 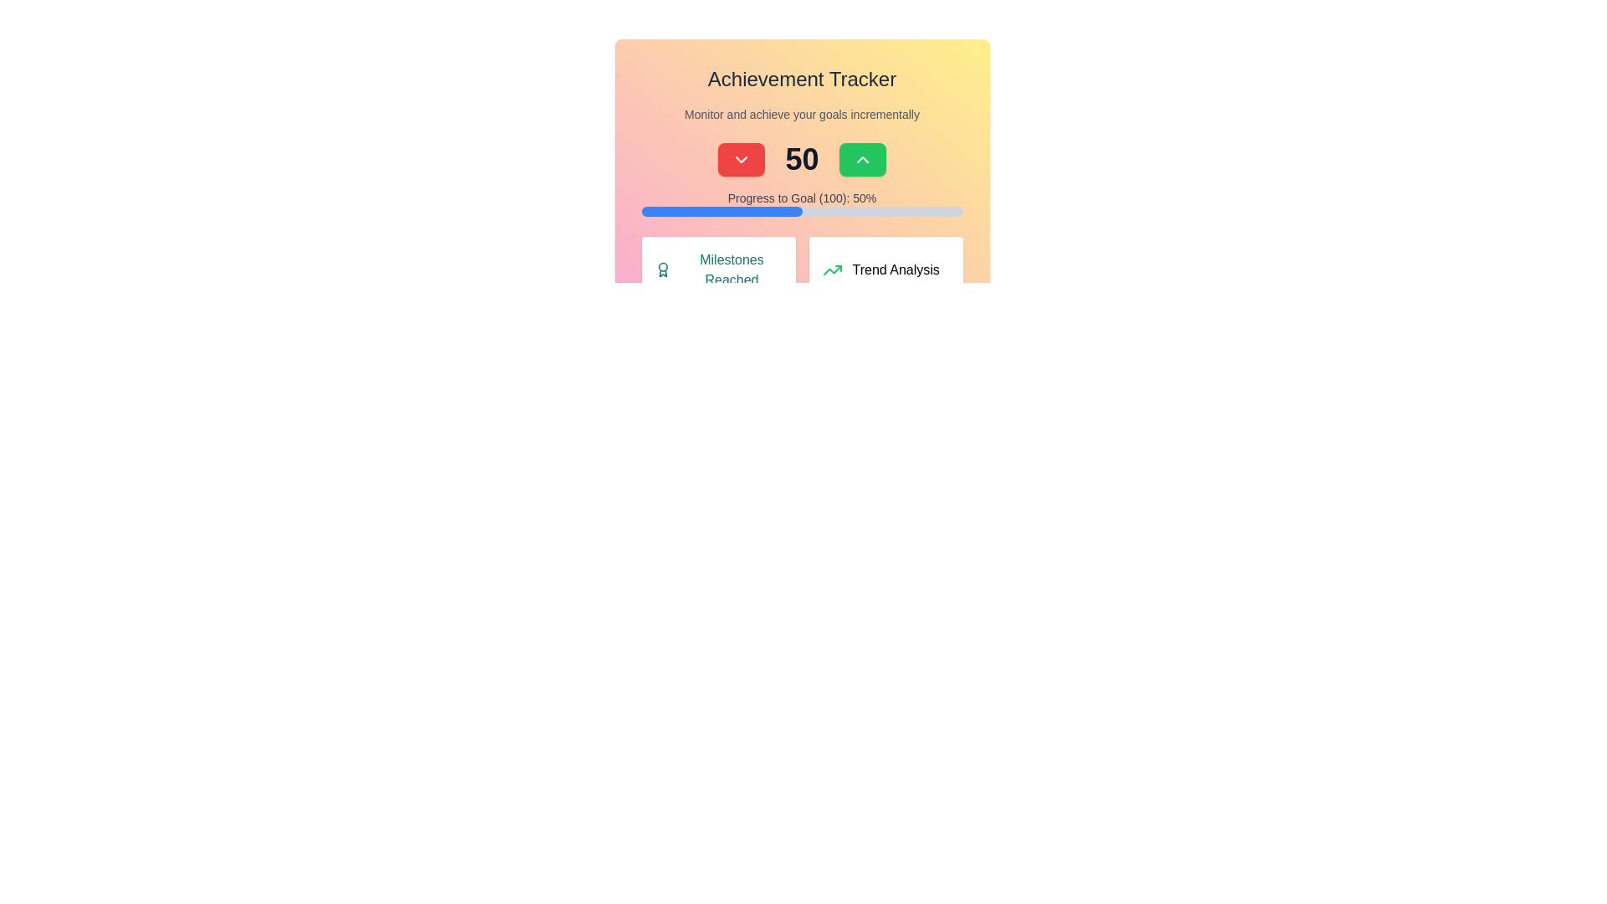 I want to click on the SVG Icon located within the button, which serves as a visual indicator for downward navigation, positioned to the left of the numeric counter '50' and below the 'Achievement Tracker' title, so click(x=741, y=160).